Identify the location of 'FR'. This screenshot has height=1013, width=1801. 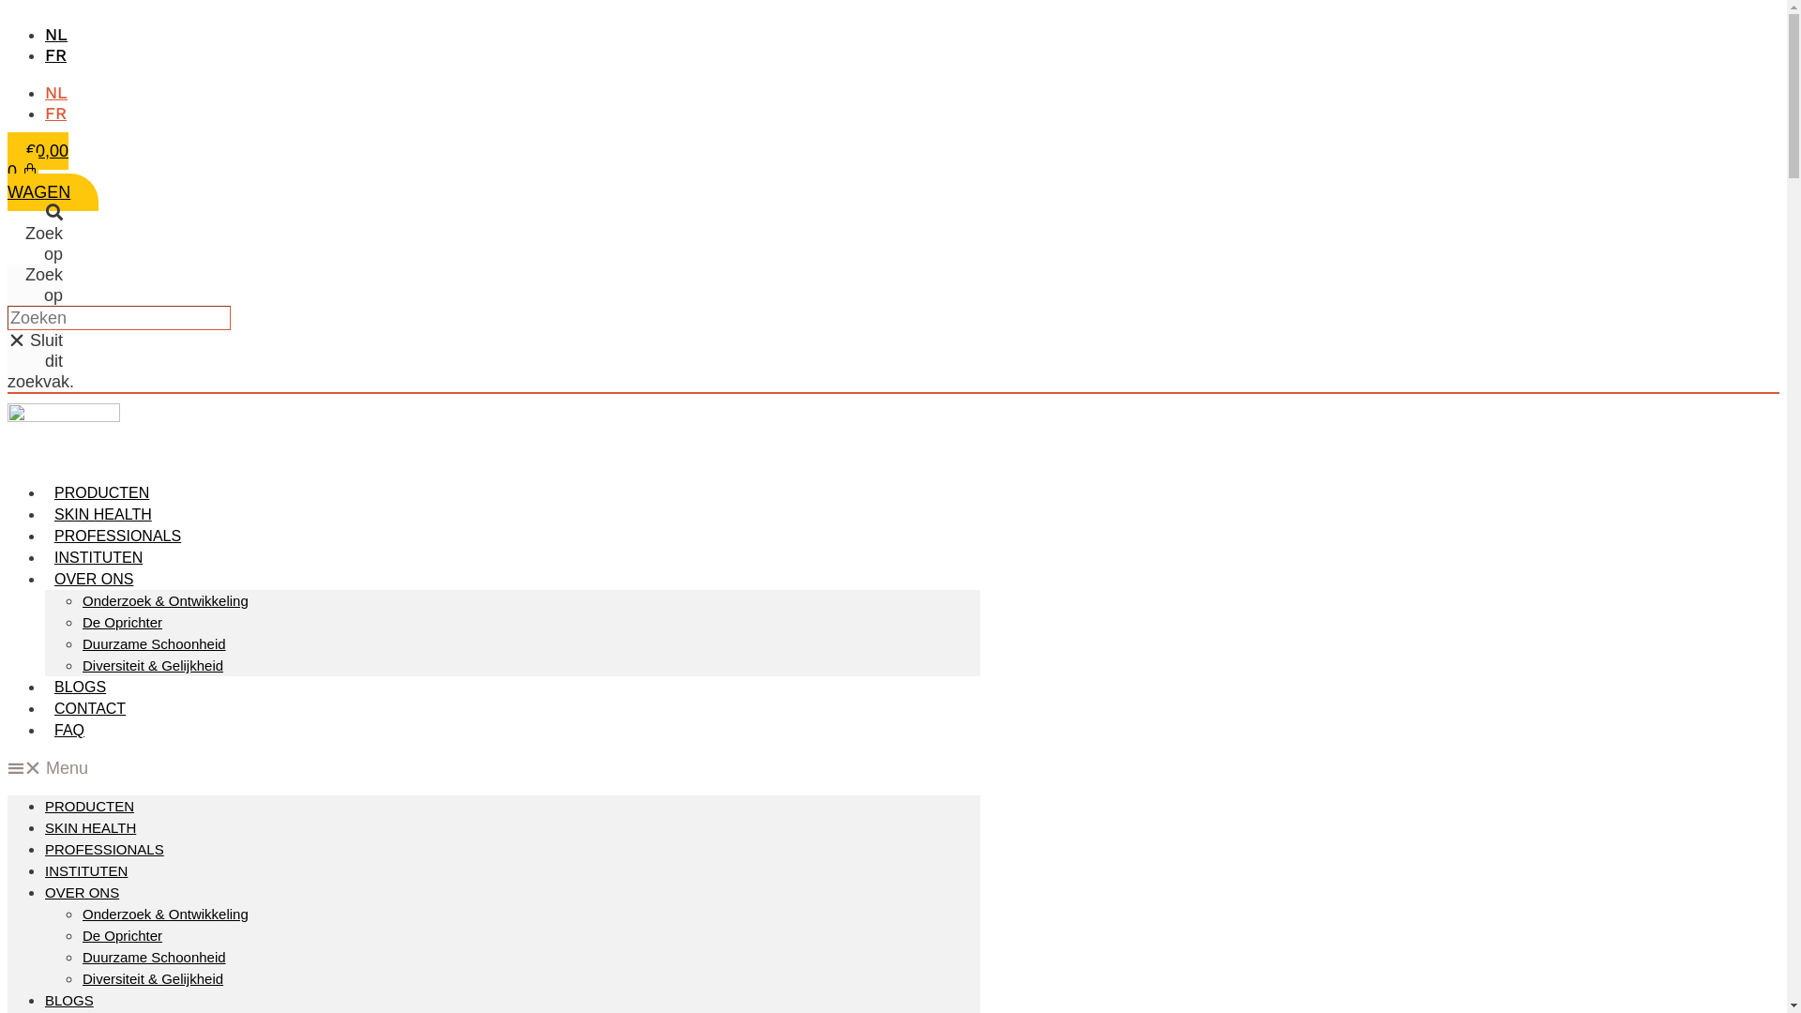
(45, 53).